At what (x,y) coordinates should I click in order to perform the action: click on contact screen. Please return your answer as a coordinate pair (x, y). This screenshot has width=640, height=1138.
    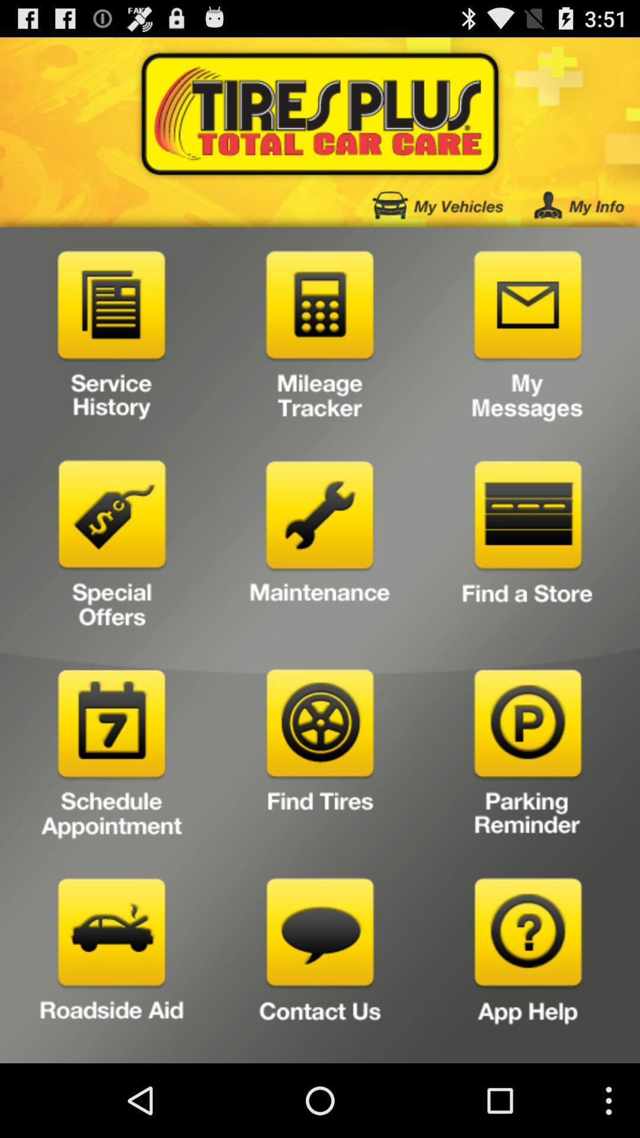
    Looking at the image, I should click on (320, 966).